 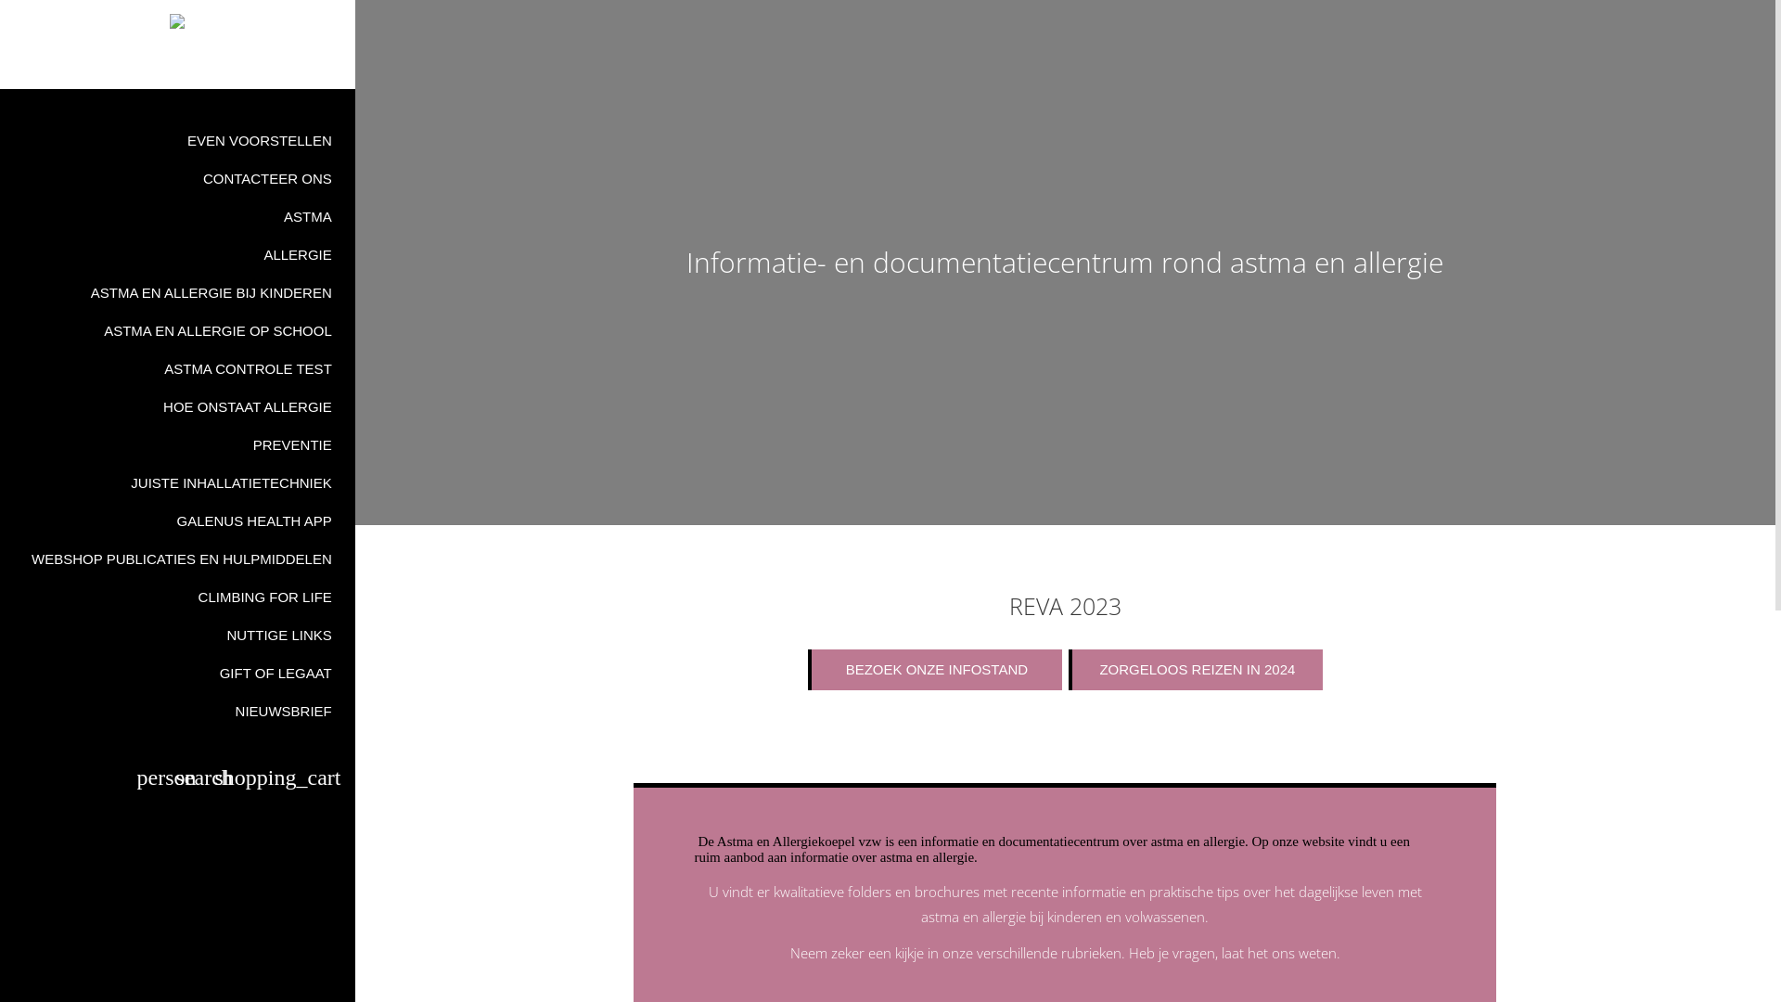 What do you see at coordinates (177, 21) in the screenshot?
I see `'Astma en Allergiekoepel vzw'` at bounding box center [177, 21].